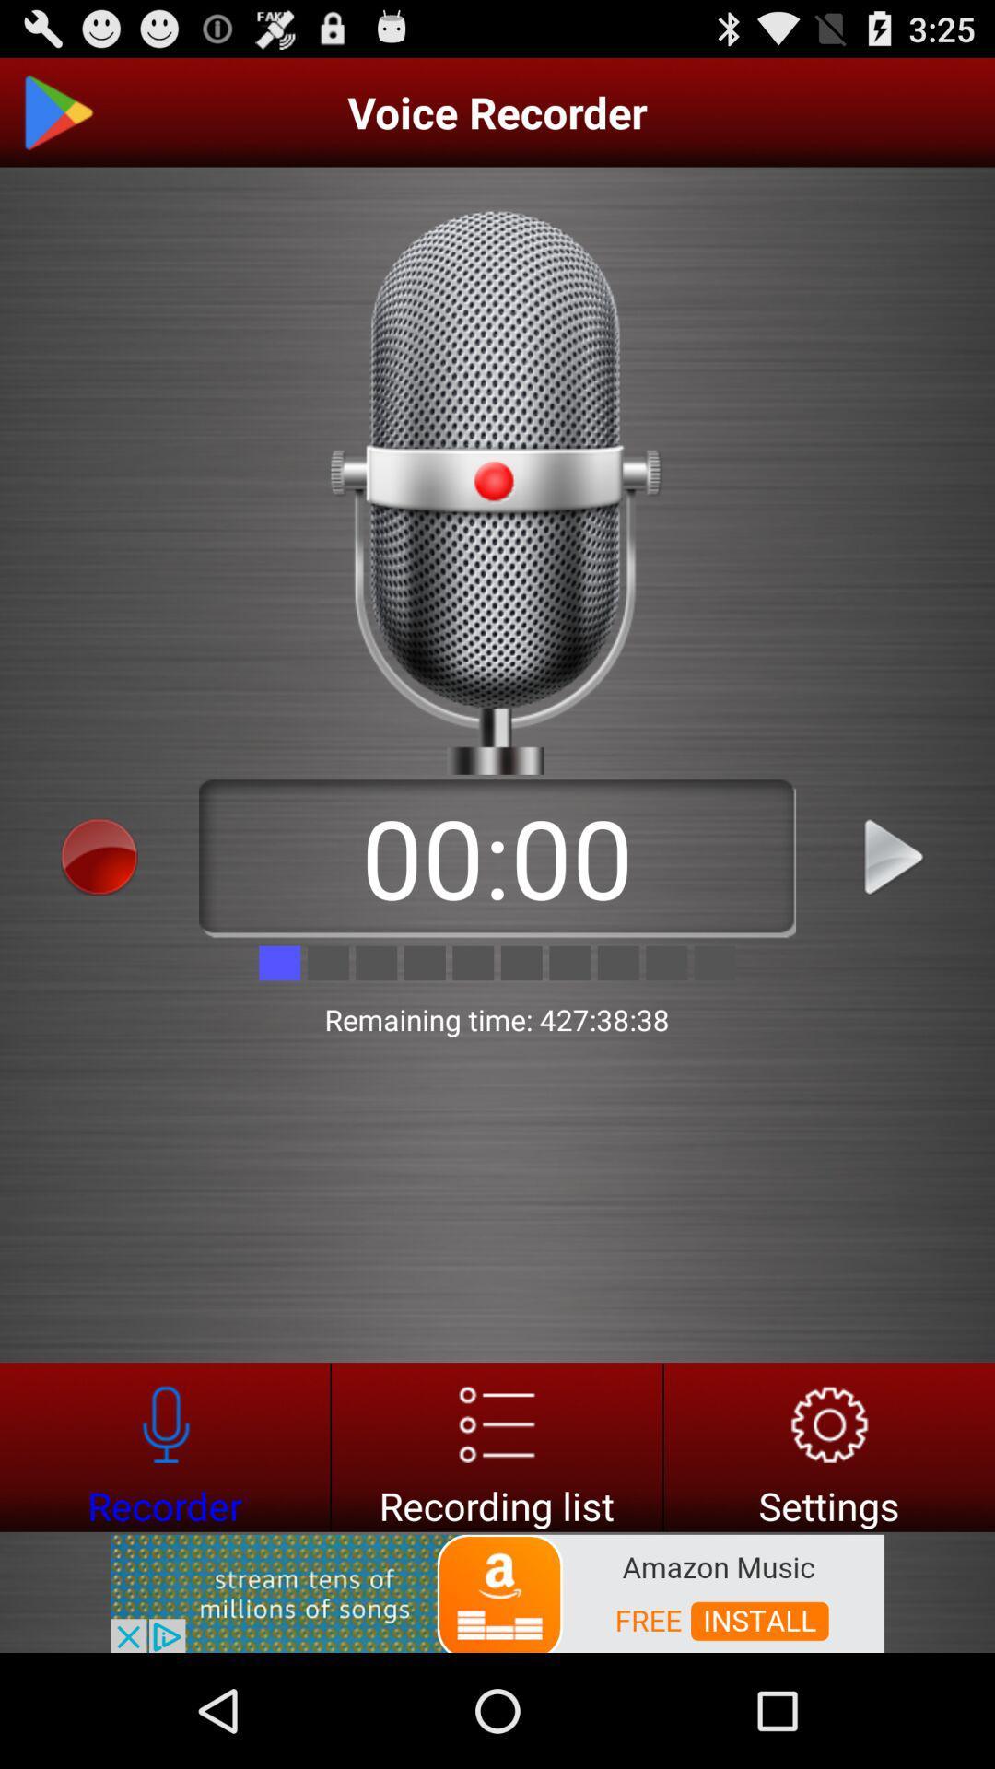 The height and width of the screenshot is (1769, 995). I want to click on microphone recorder, so click(164, 1446).